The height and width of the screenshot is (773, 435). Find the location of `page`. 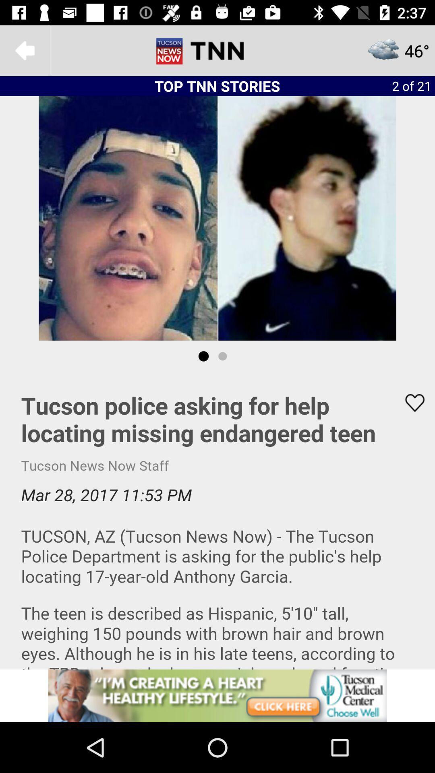

page is located at coordinates (25, 50).